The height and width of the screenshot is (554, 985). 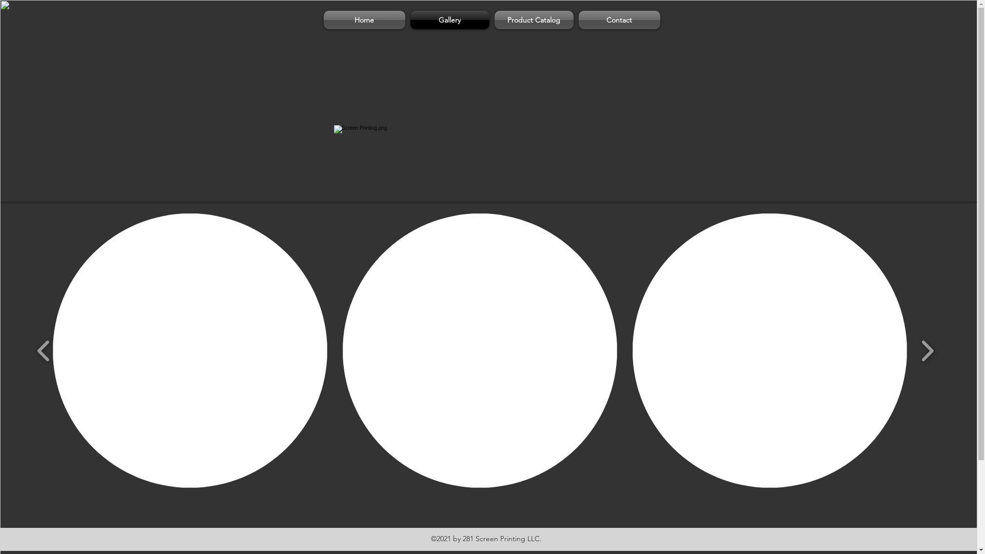 I want to click on 'Home', so click(x=365, y=19).